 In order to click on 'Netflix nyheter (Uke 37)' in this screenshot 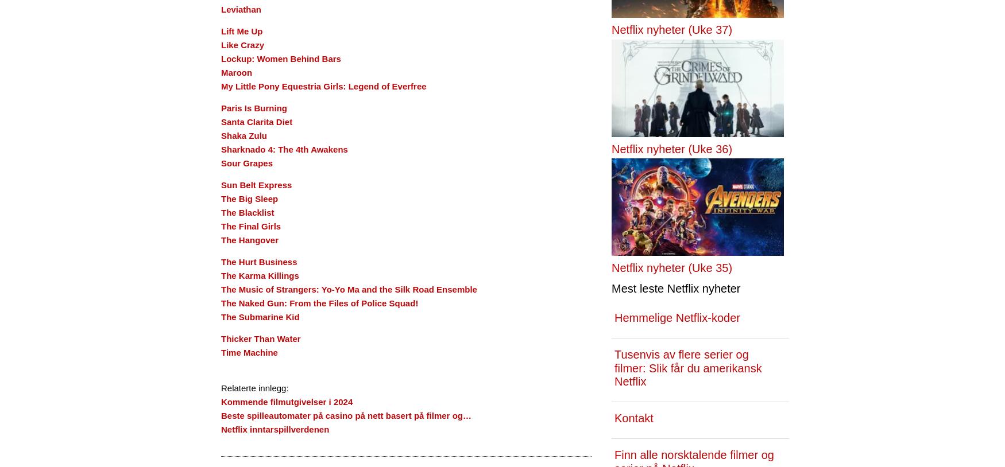, I will do `click(671, 29)`.